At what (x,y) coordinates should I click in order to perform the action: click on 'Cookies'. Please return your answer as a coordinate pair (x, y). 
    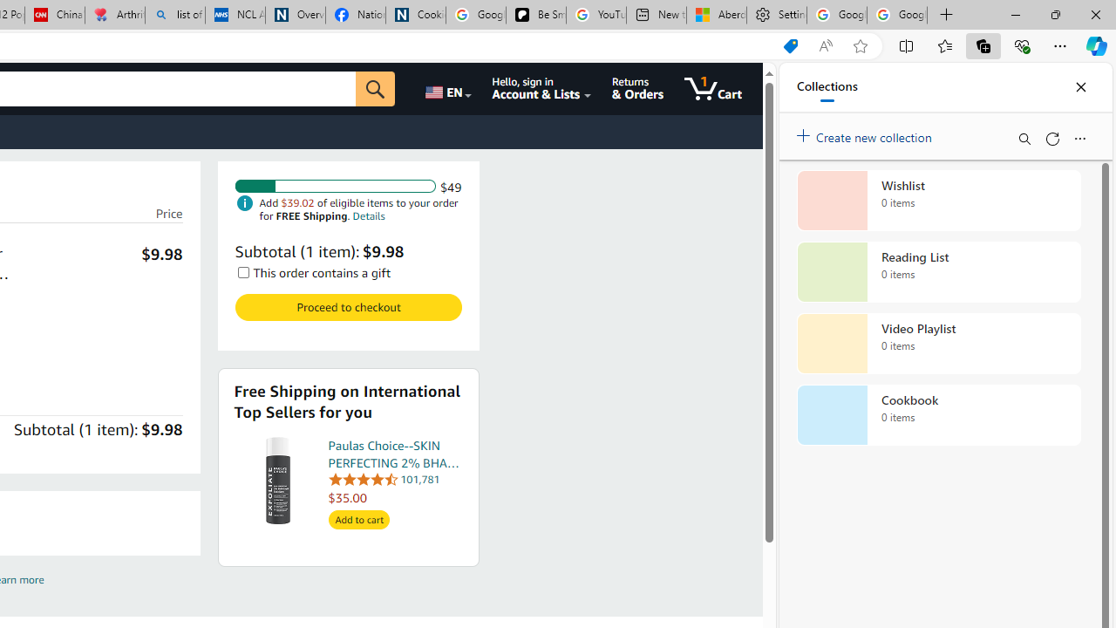
    Looking at the image, I should click on (414, 15).